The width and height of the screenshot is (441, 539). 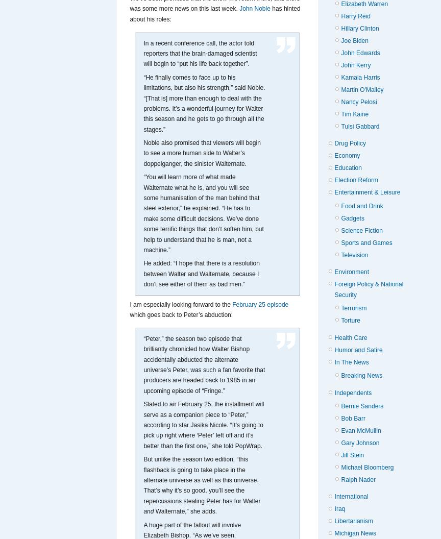 I want to click on 'Joe Biden', so click(x=354, y=39).